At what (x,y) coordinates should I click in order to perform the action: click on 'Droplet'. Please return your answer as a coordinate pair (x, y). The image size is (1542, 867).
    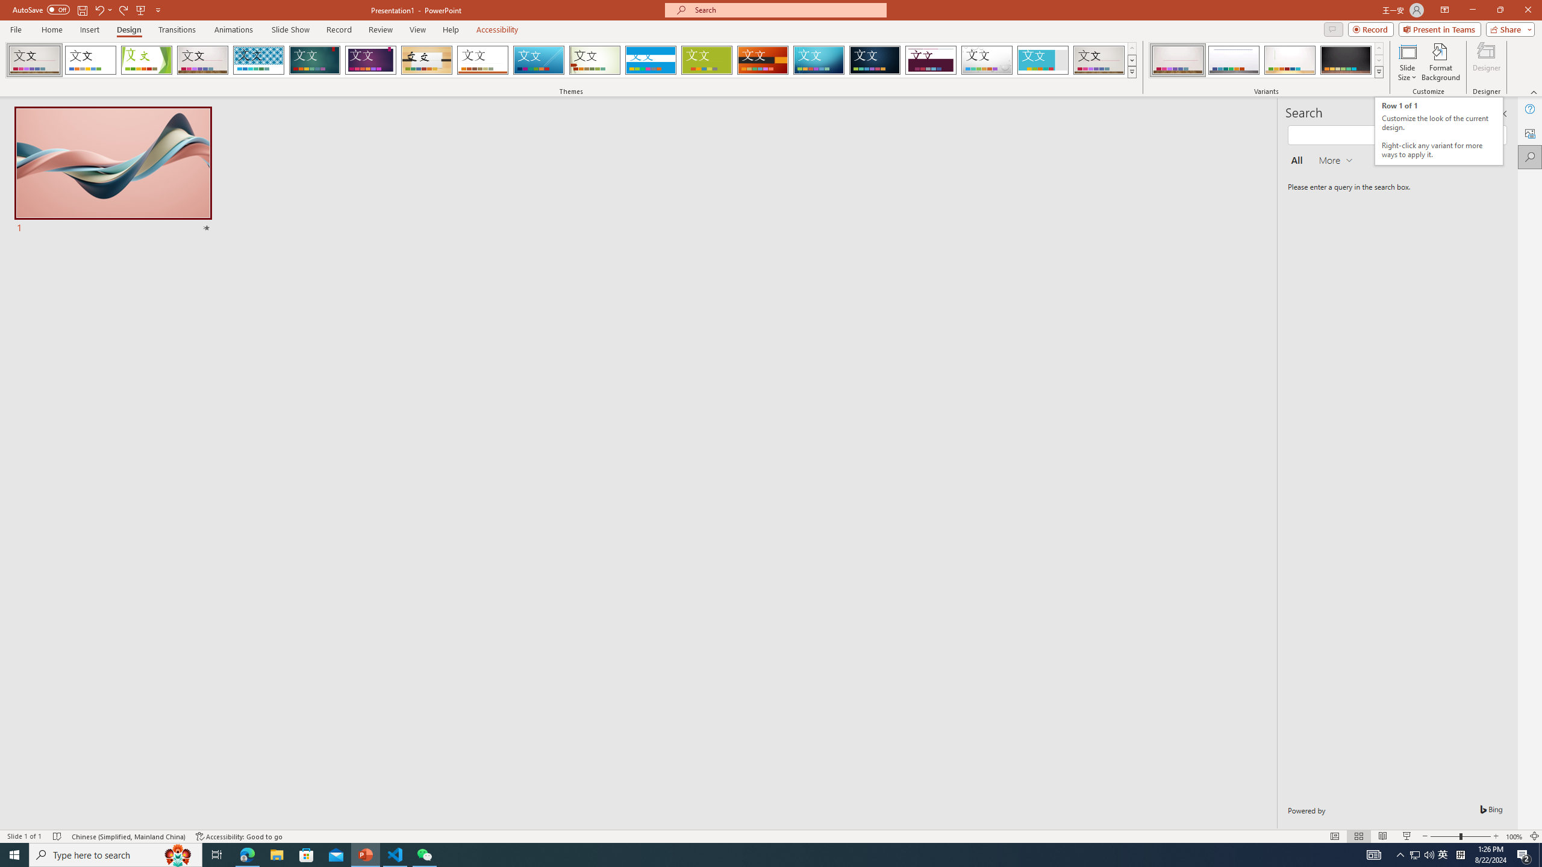
    Looking at the image, I should click on (987, 60).